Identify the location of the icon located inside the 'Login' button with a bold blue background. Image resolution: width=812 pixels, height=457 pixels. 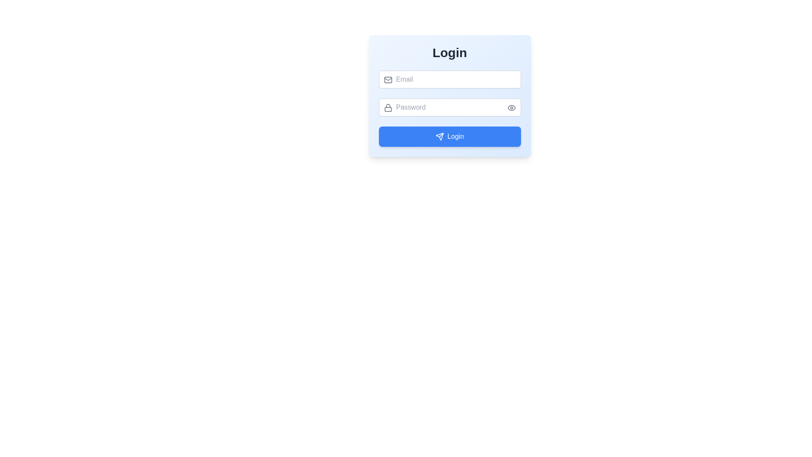
(439, 136).